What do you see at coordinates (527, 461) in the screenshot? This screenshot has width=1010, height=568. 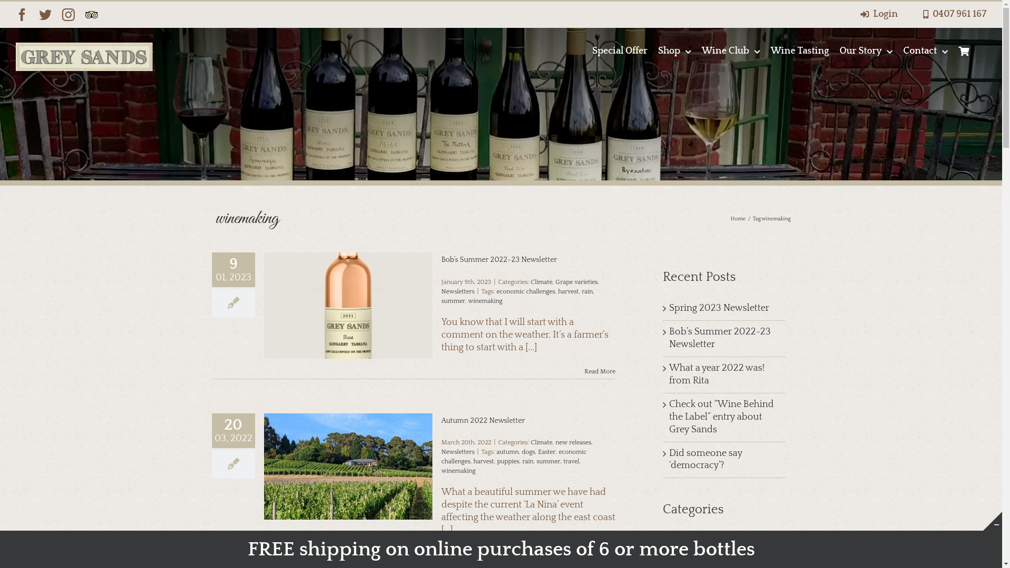 I see `'rain'` at bounding box center [527, 461].